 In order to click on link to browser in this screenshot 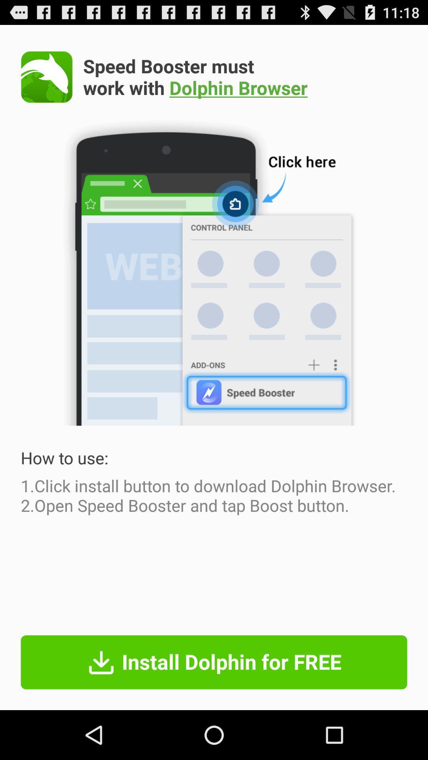, I will do `click(47, 77)`.